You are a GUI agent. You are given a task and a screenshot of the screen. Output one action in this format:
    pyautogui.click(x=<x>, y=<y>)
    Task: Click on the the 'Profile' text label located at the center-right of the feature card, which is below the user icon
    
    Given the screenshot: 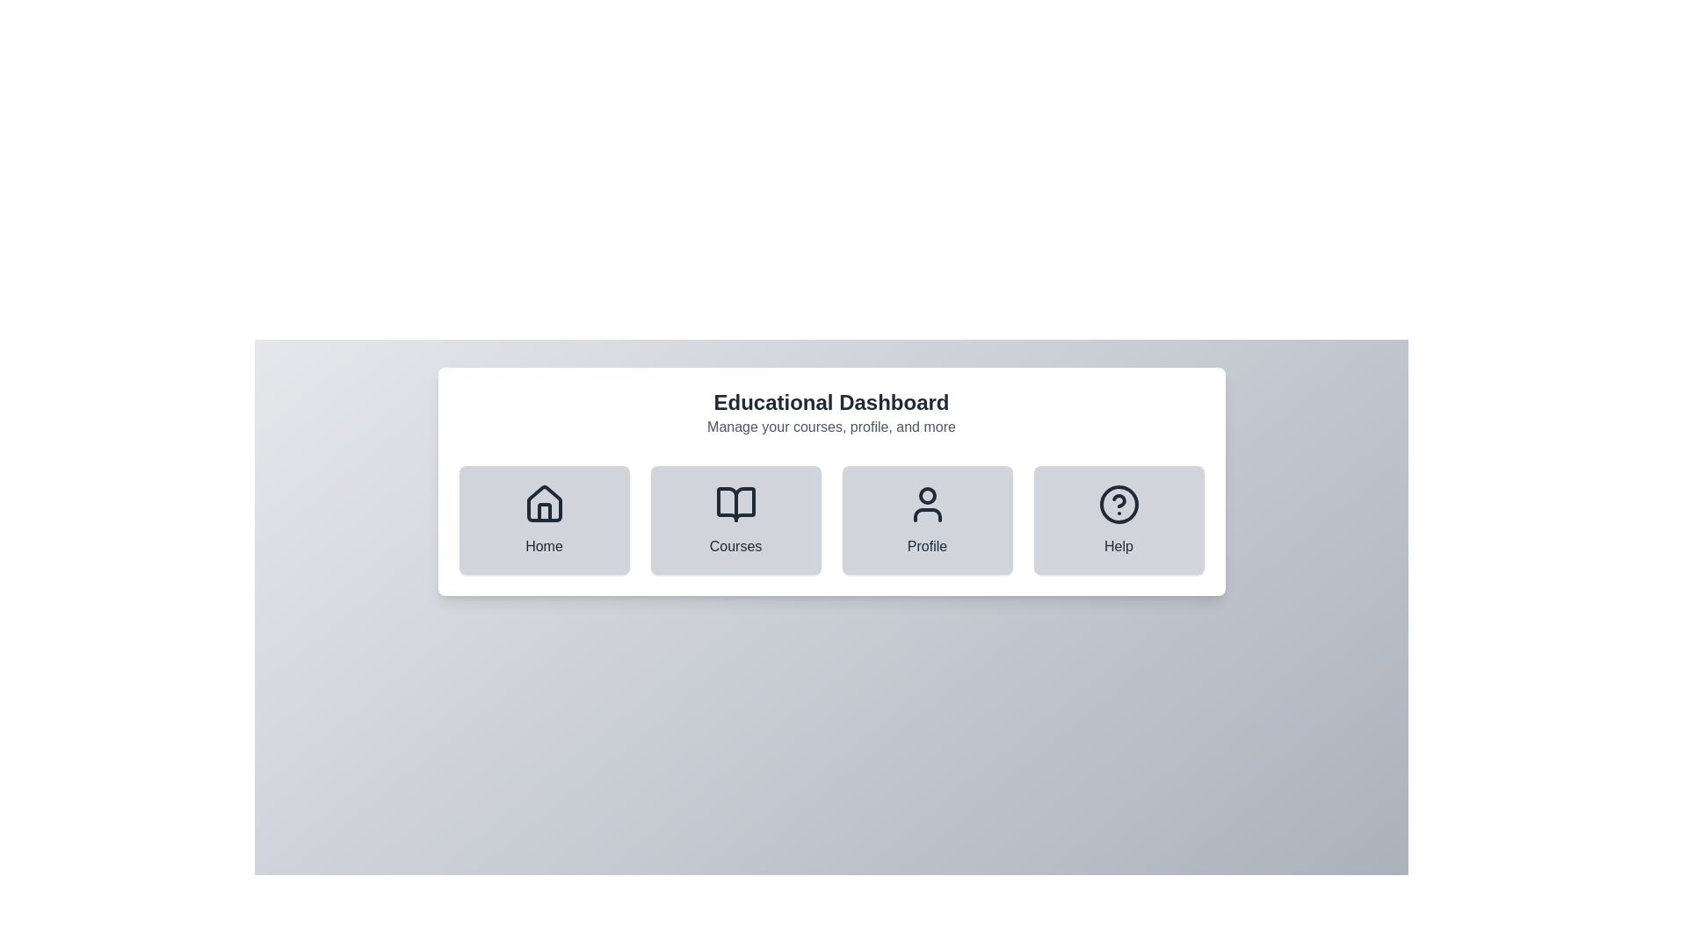 What is the action you would take?
    pyautogui.click(x=926, y=546)
    